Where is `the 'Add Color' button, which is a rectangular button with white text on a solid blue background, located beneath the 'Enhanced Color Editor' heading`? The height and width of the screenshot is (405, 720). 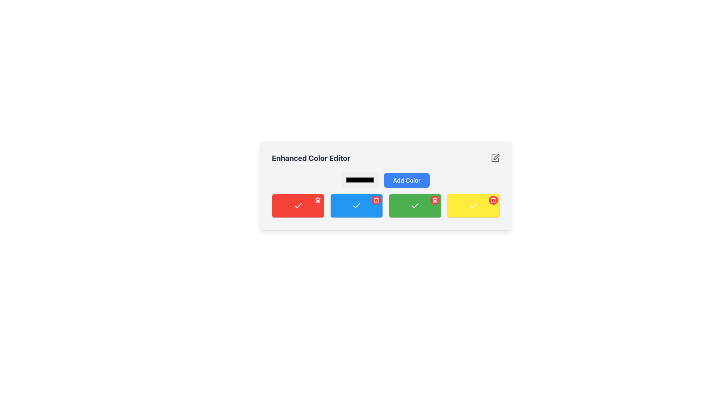
the 'Add Color' button, which is a rectangular button with white text on a solid blue background, located beneath the 'Enhanced Color Editor' heading is located at coordinates (406, 180).